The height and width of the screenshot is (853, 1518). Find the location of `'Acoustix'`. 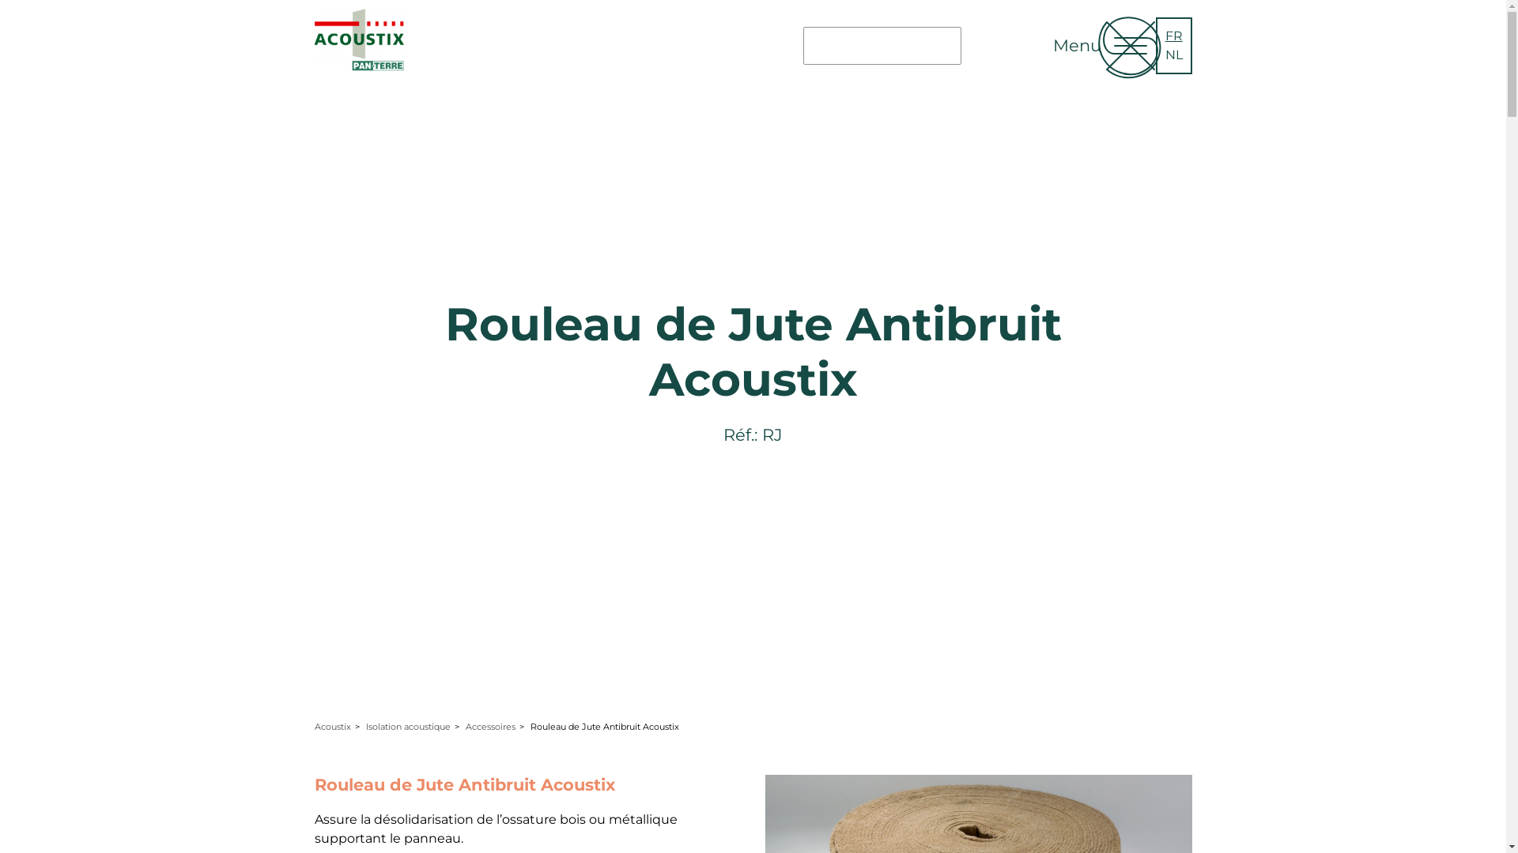

'Acoustix' is located at coordinates (332, 727).